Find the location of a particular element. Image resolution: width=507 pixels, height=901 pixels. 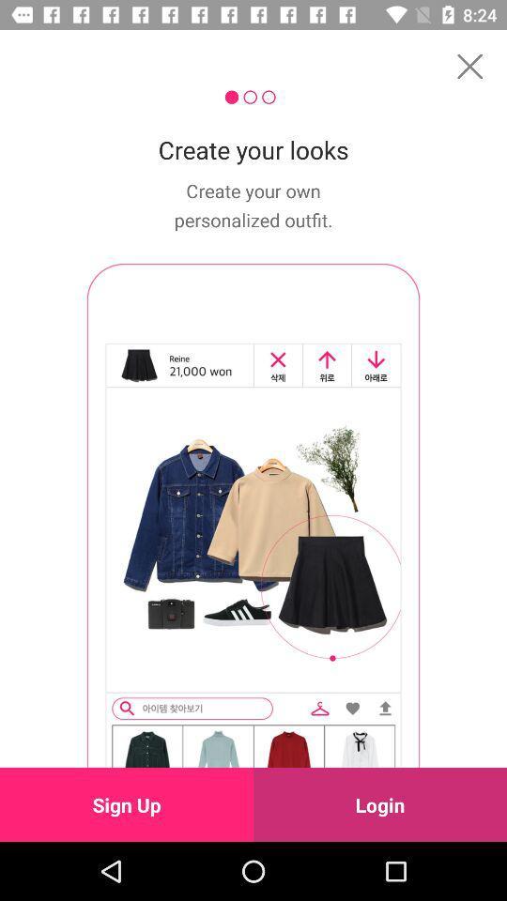

the item next to sign up icon is located at coordinates (380, 803).